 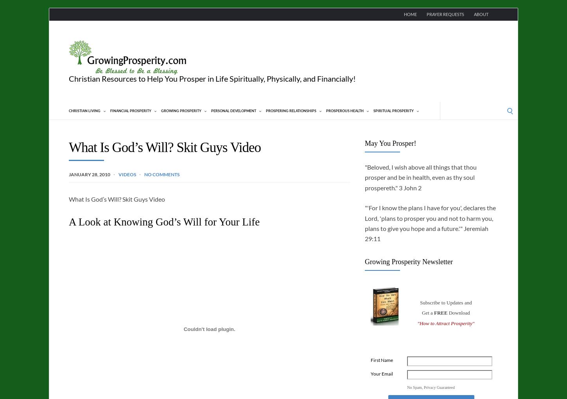 What do you see at coordinates (231, 145) in the screenshot?
I see `'Happiness'` at bounding box center [231, 145].